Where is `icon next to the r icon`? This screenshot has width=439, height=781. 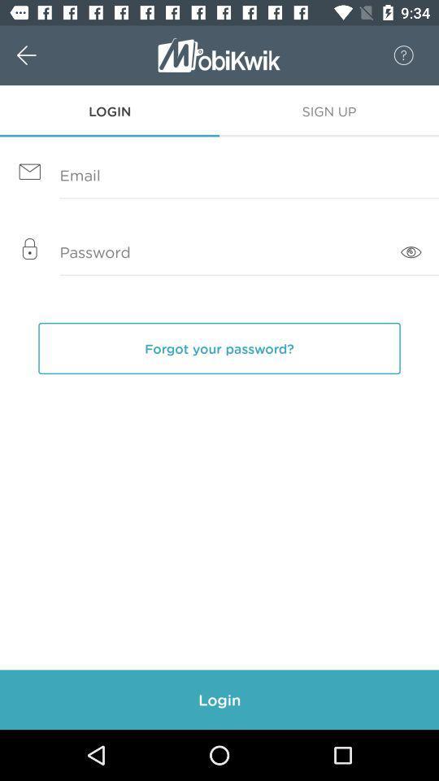 icon next to the r icon is located at coordinates (44, 55).